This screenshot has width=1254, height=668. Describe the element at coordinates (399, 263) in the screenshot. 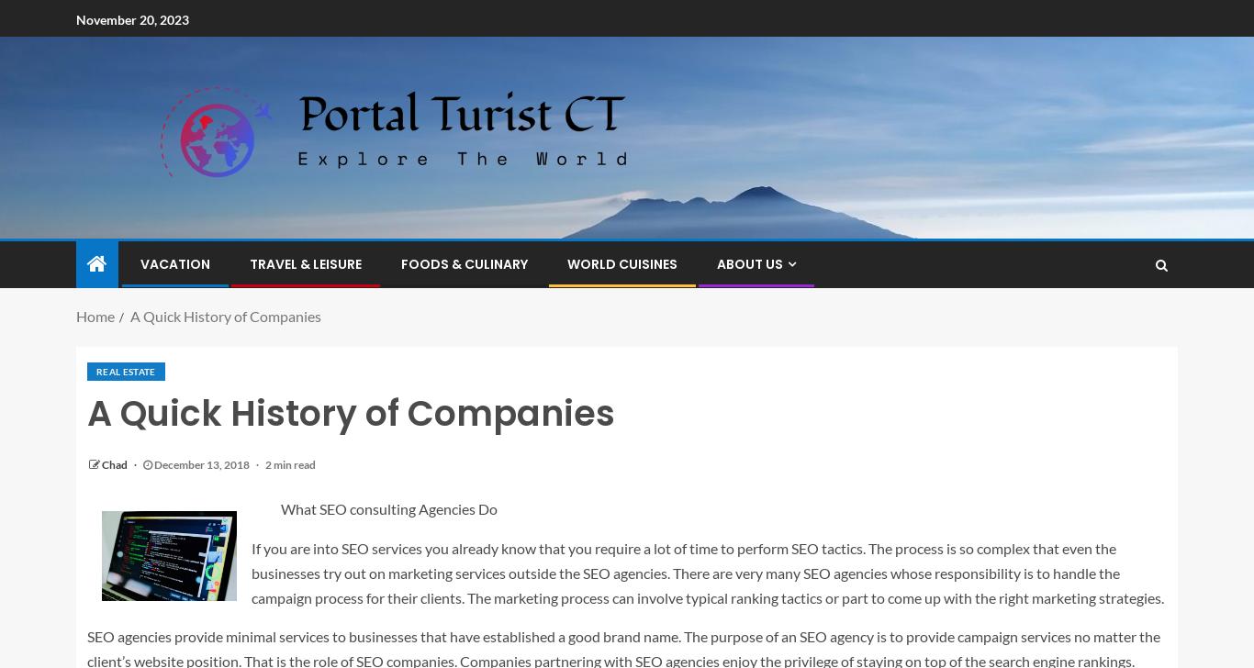

I see `'Foods & Culinary'` at that location.